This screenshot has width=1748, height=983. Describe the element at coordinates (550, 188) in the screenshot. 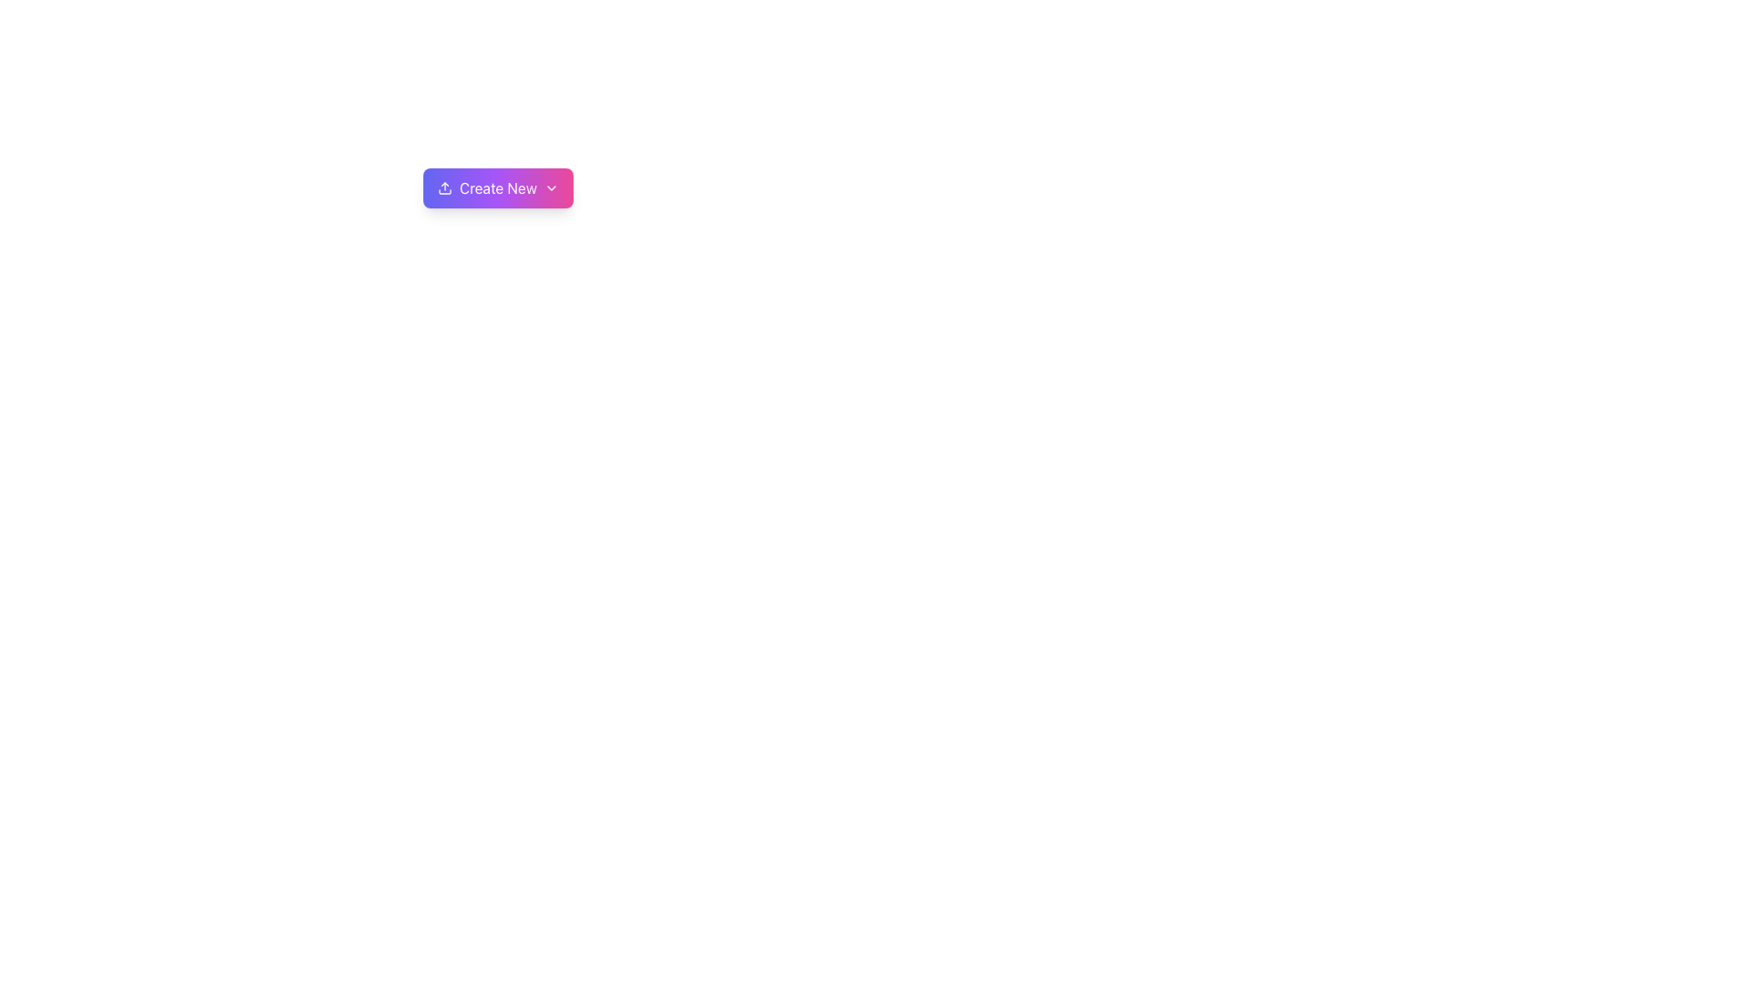

I see `the chevron down icon at the rightmost side of the 'Create New' button` at that location.